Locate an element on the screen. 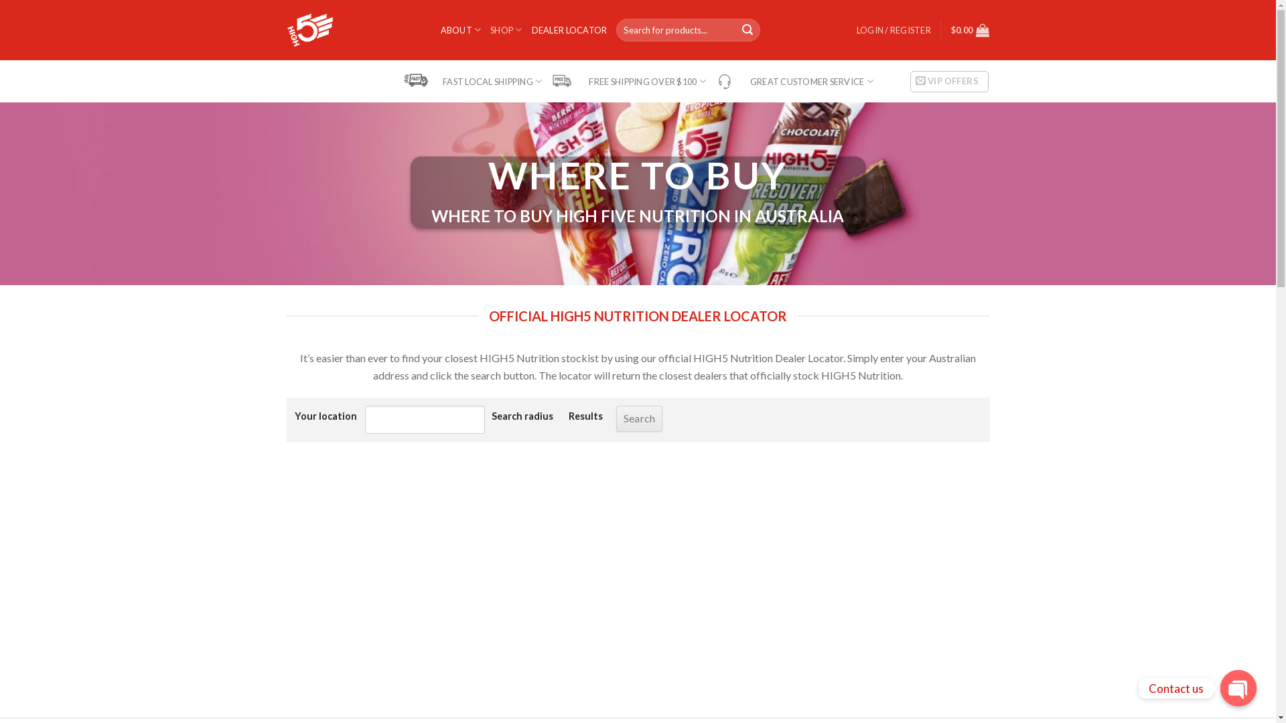 The image size is (1286, 723). 'LOGIN / REGISTER' is located at coordinates (894, 30).